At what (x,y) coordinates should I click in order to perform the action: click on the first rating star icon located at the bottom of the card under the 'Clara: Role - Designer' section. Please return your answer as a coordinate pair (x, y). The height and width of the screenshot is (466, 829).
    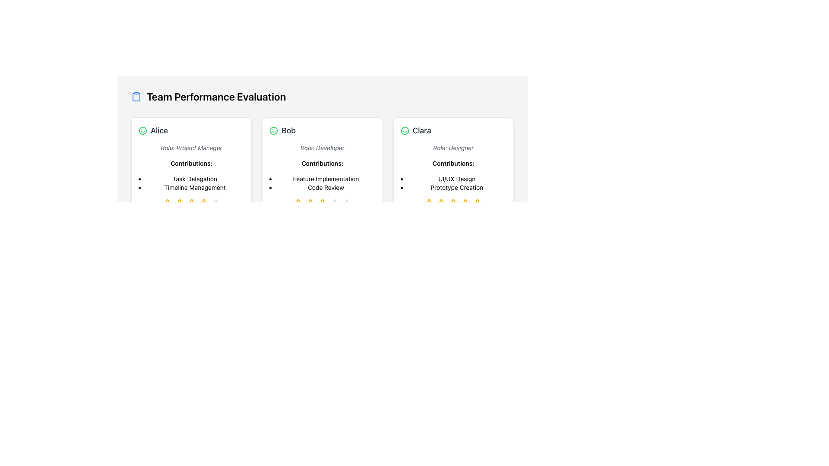
    Looking at the image, I should click on (429, 204).